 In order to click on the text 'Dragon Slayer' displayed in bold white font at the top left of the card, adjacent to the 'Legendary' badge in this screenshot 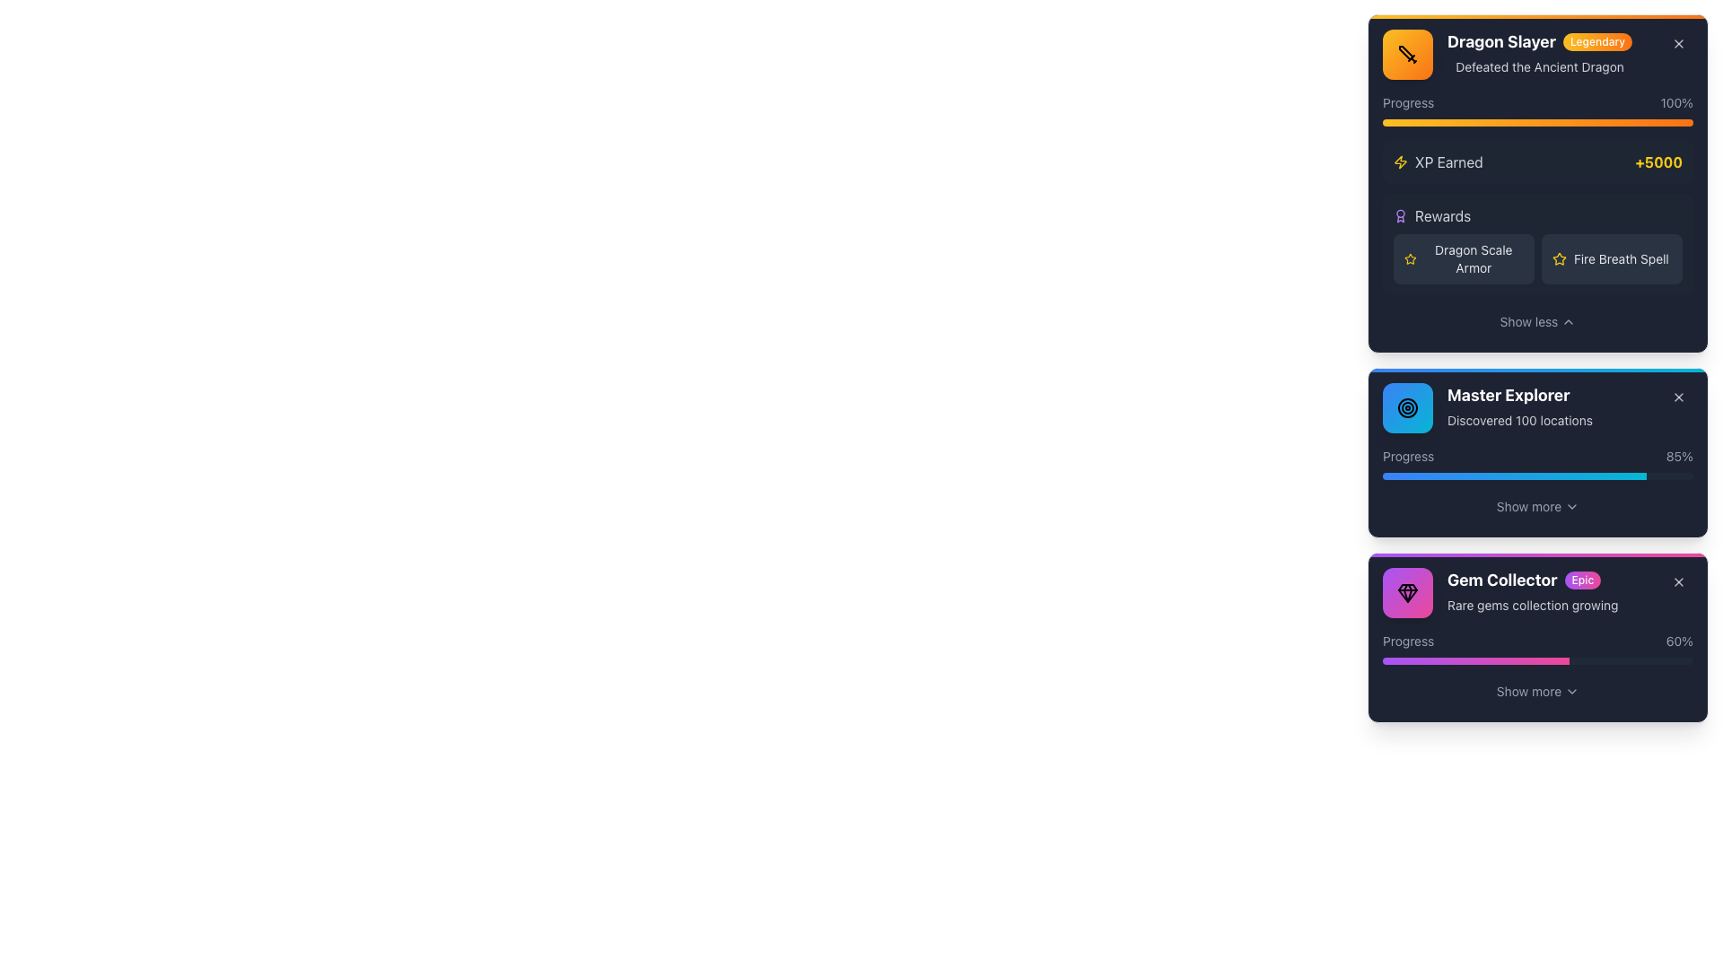, I will do `click(1501, 40)`.